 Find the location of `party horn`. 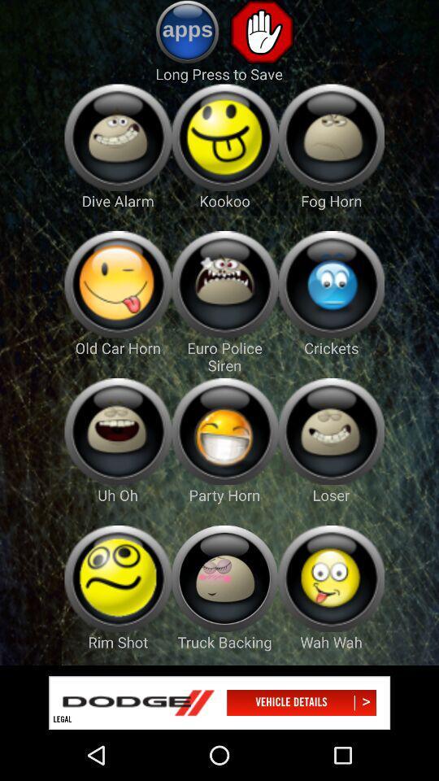

party horn is located at coordinates (224, 430).